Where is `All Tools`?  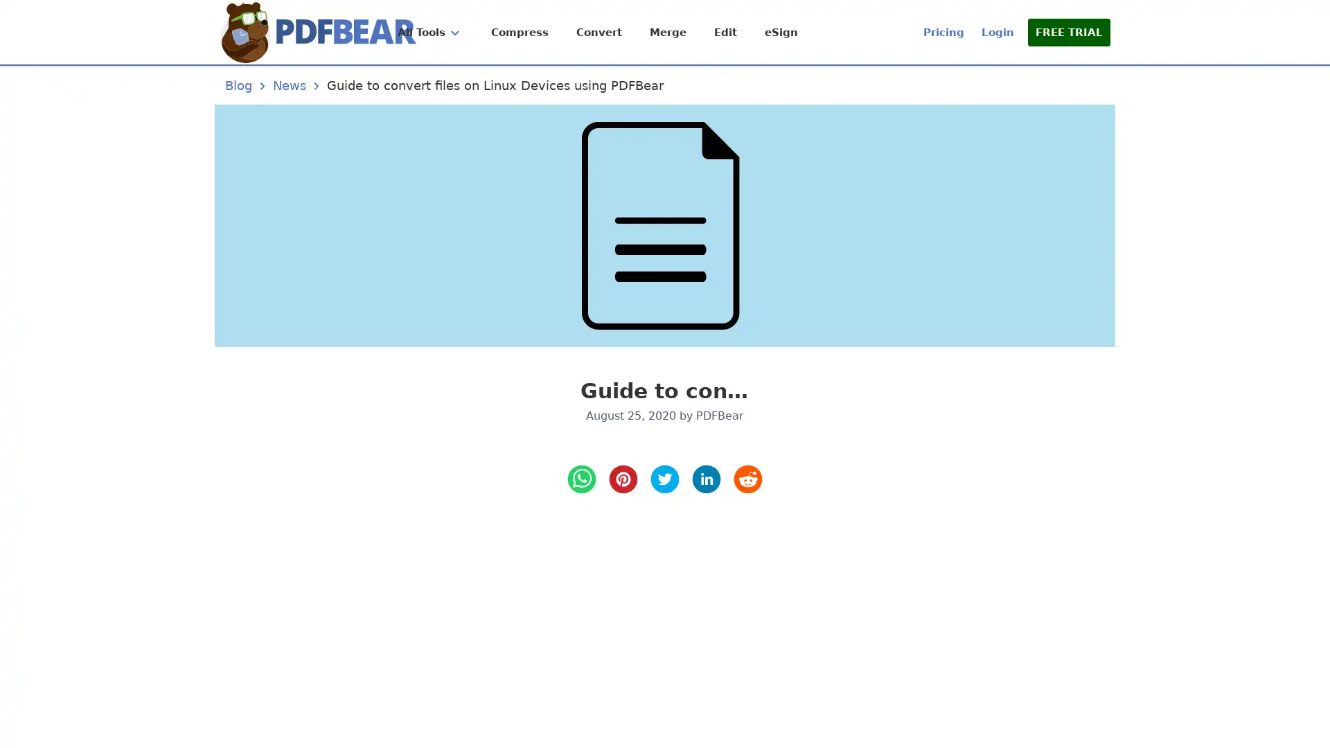
All Tools is located at coordinates (427, 31).